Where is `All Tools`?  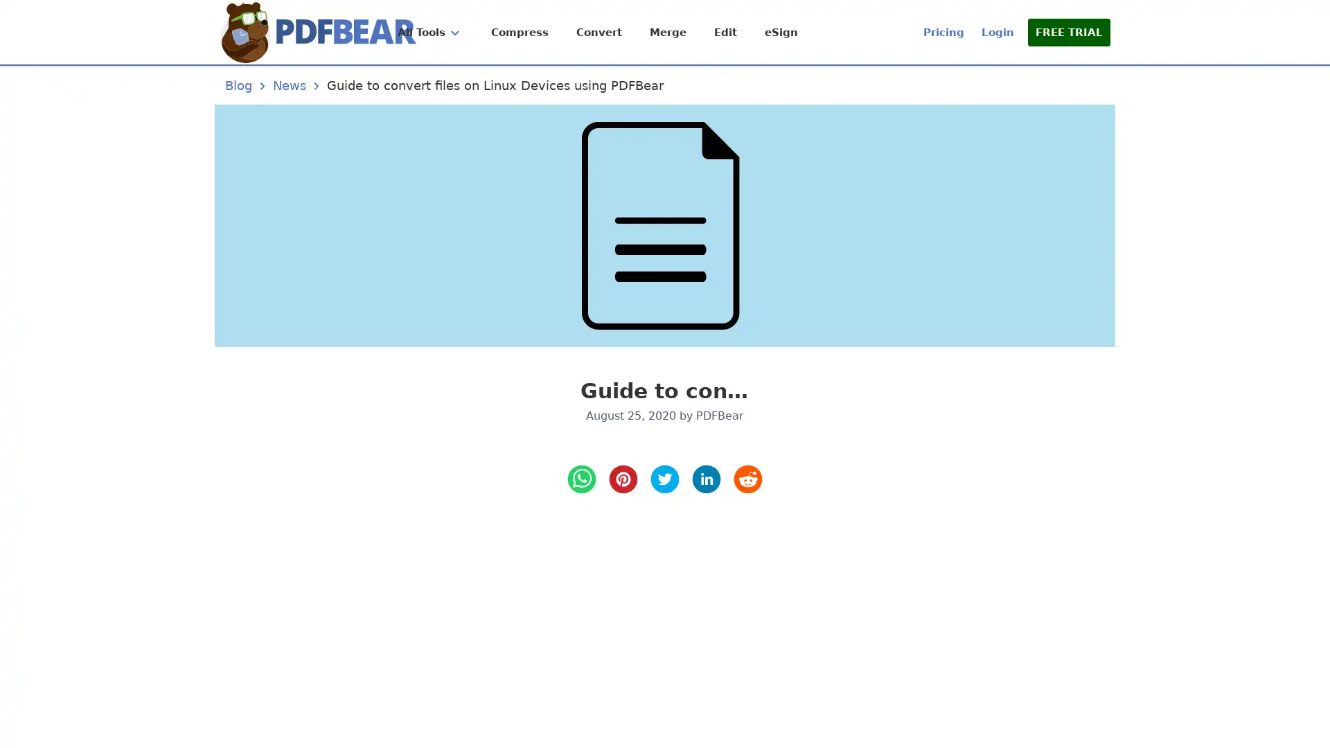
All Tools is located at coordinates (427, 31).